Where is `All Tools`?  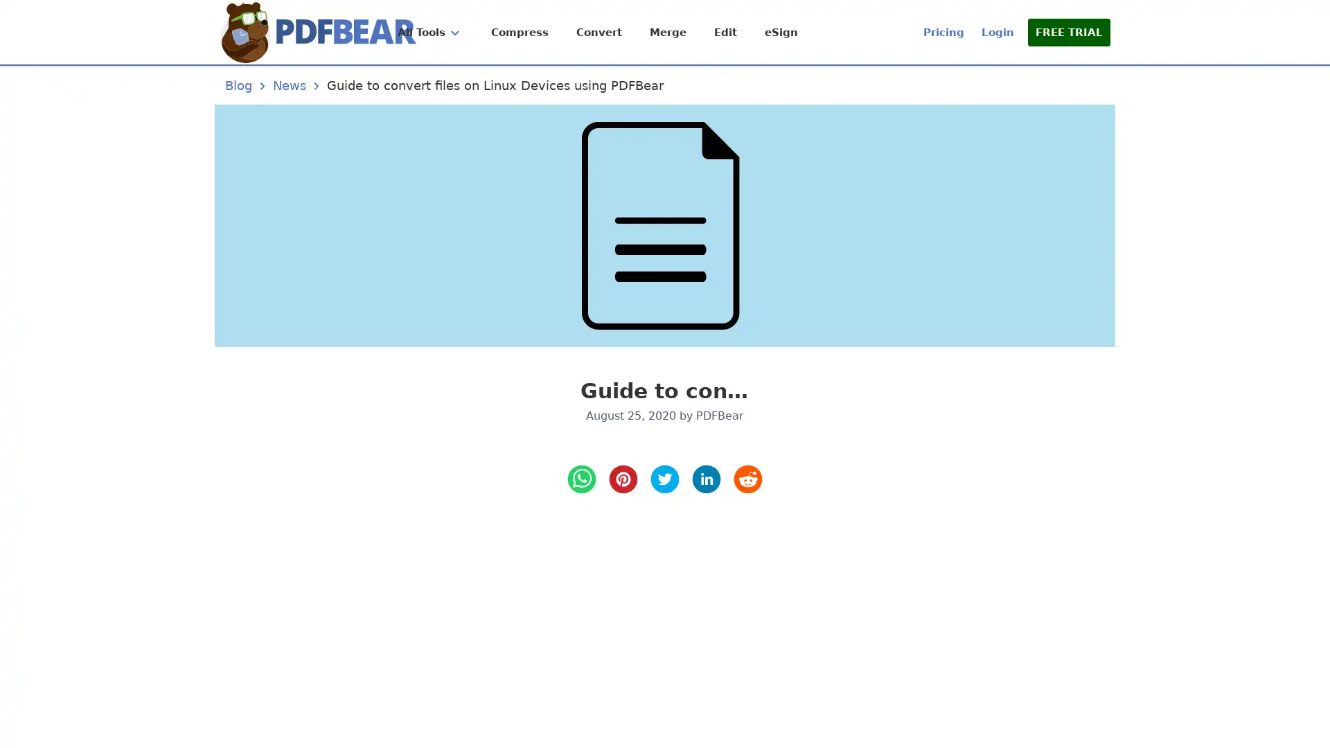
All Tools is located at coordinates (427, 31).